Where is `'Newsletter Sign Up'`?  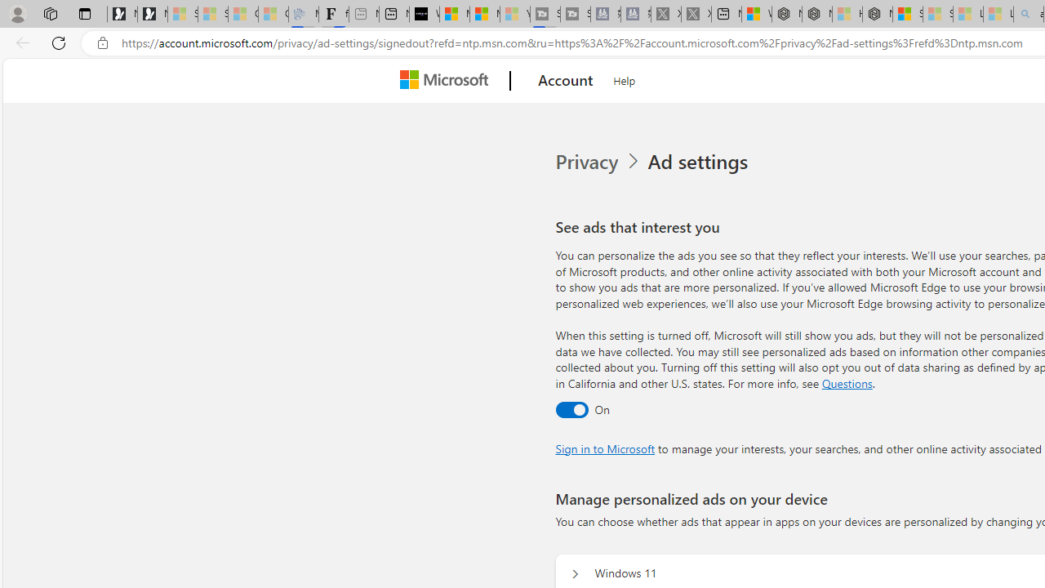
'Newsletter Sign Up' is located at coordinates (152, 14).